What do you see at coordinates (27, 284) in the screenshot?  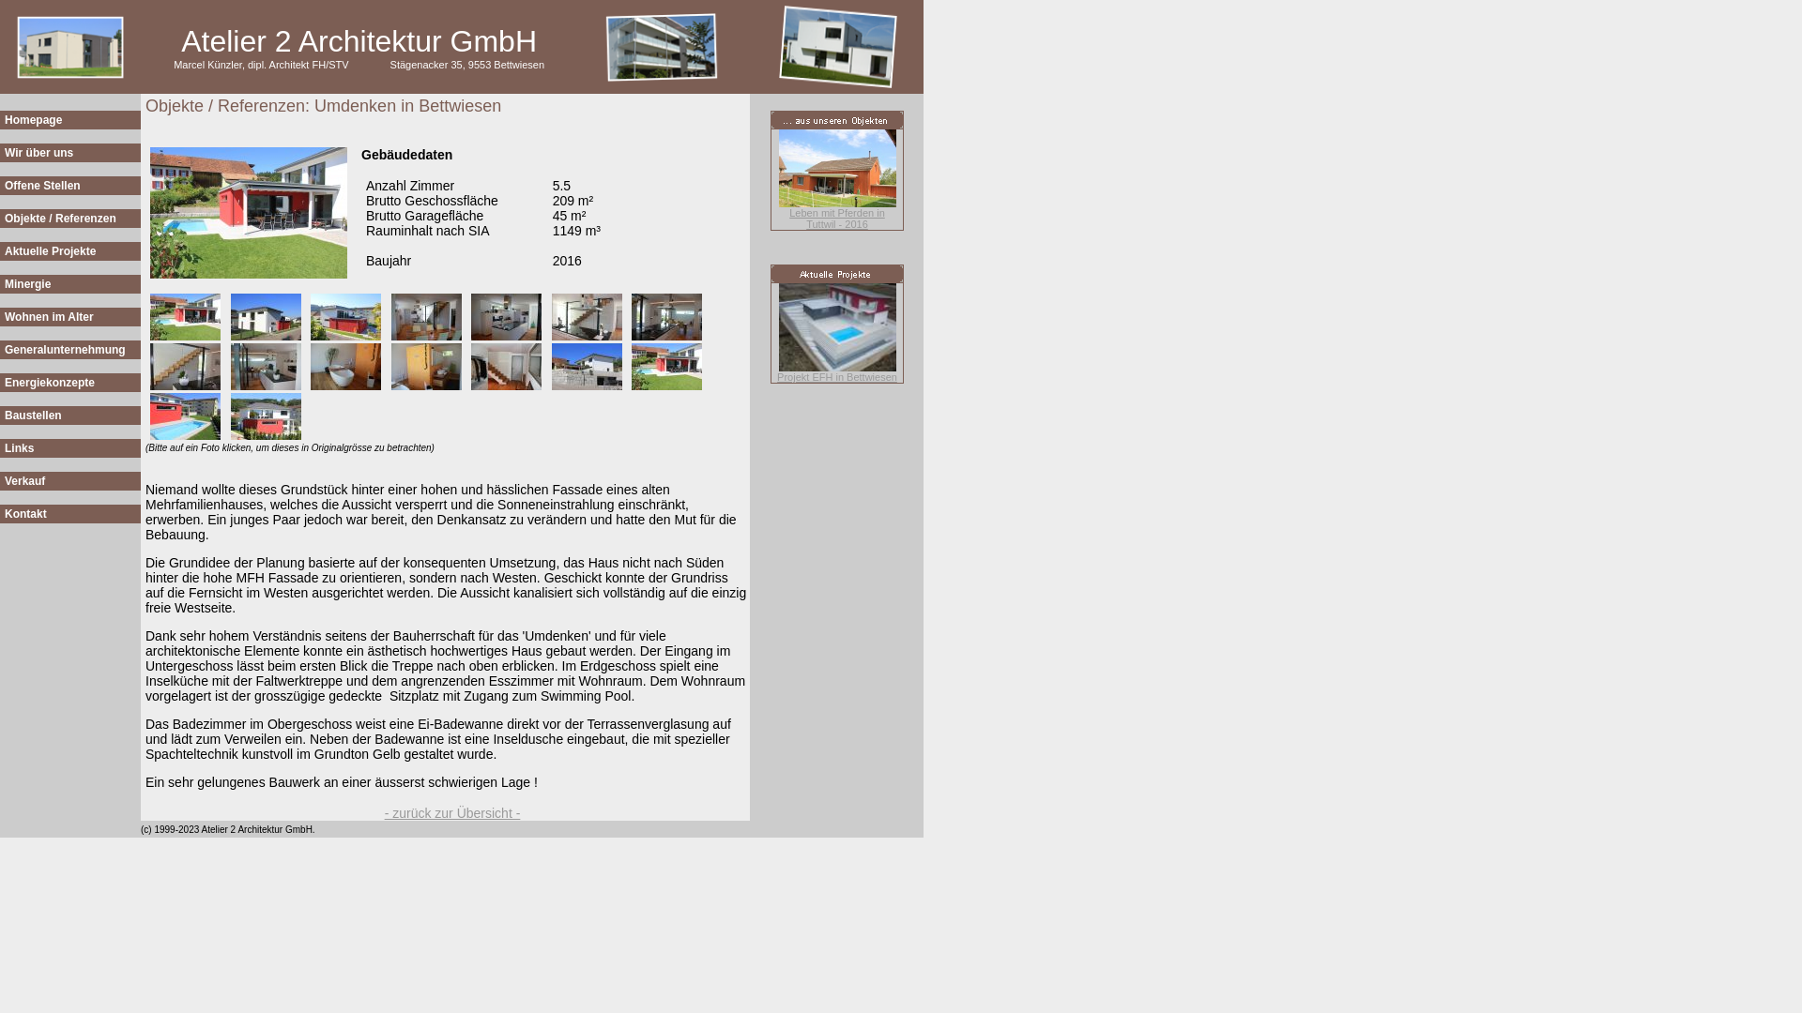 I see `'Minergie'` at bounding box center [27, 284].